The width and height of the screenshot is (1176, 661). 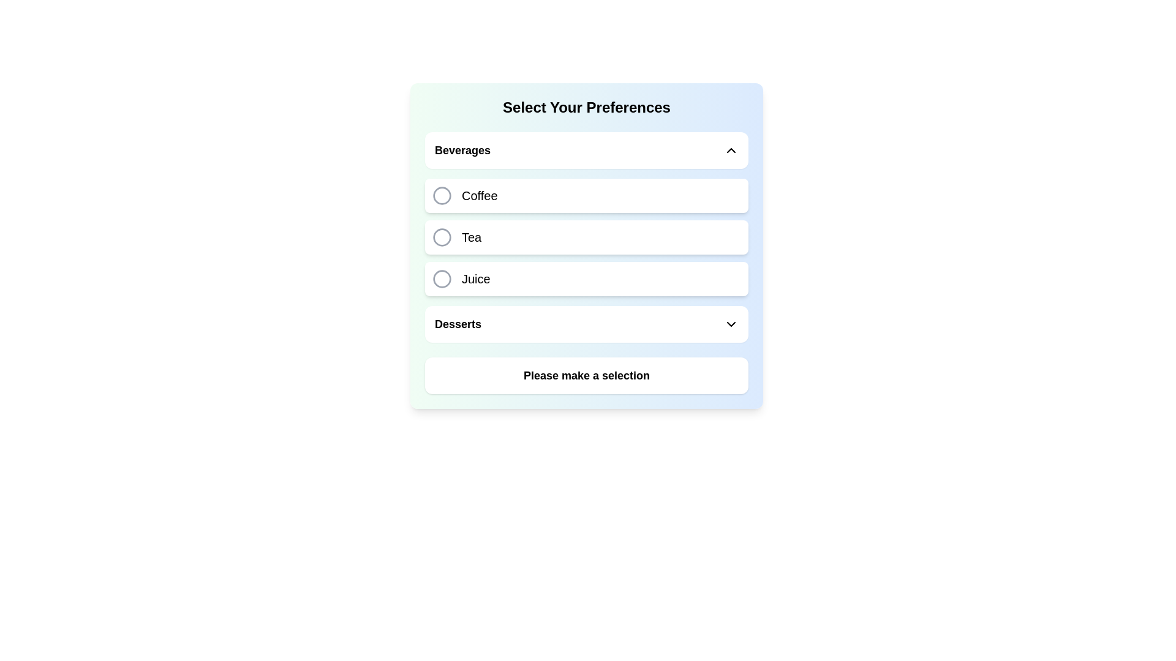 What do you see at coordinates (586, 237) in the screenshot?
I see `the radio button option for 'Tea' within the 'Beverages' category` at bounding box center [586, 237].